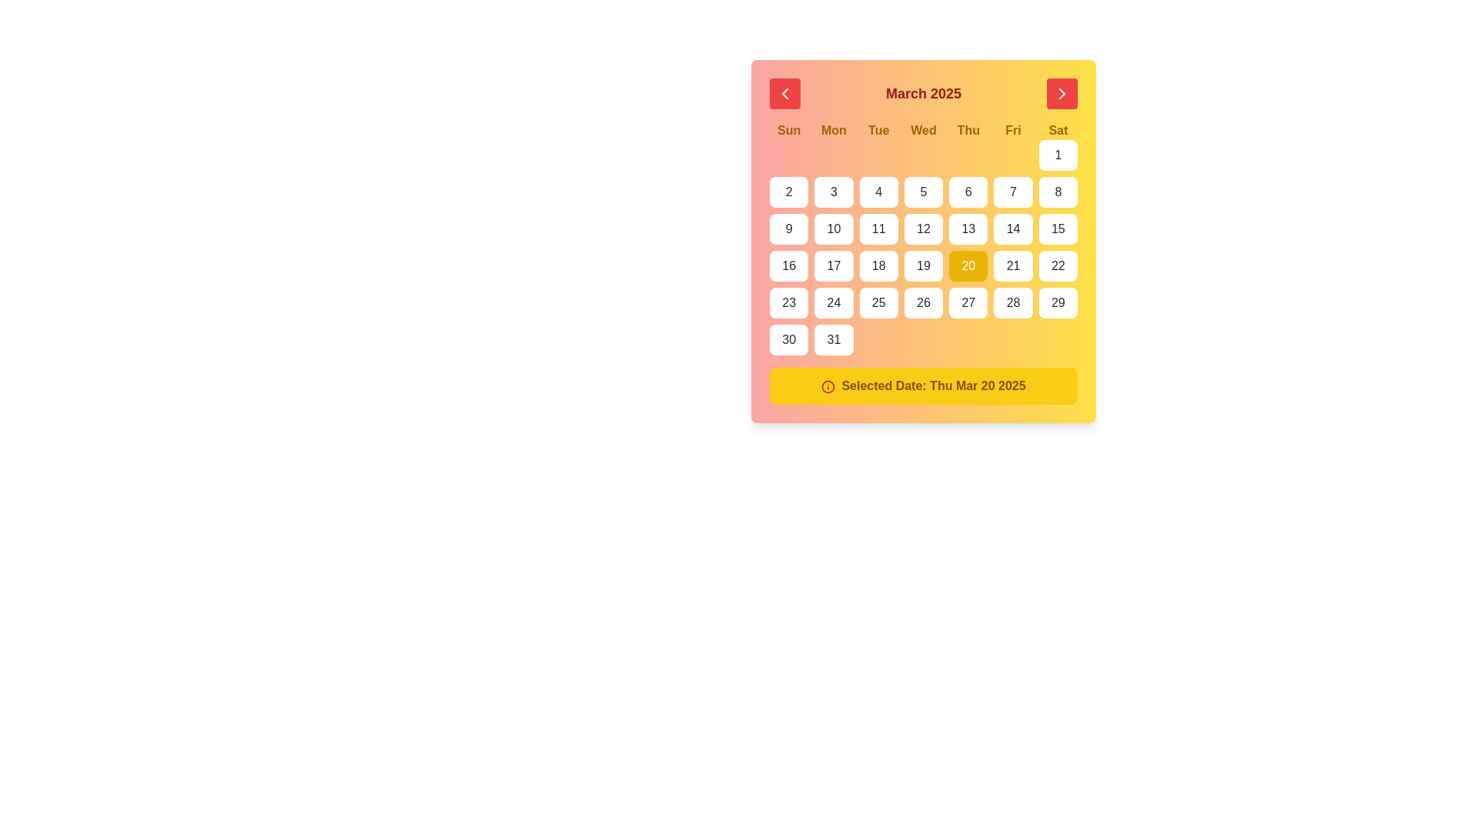 This screenshot has height=831, width=1478. I want to click on the information icon, which is a red circled lowercase 'i' located to the left of the text 'Selected Date: Thu Mar 20 2025', inside a yellow rounded information box at the bottom of the calendar UI, so click(828, 385).